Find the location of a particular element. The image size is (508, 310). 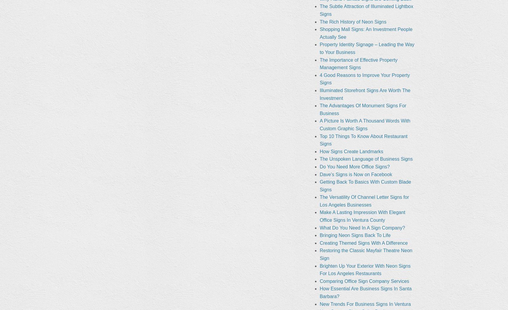

'Getting Back To Basics With Custom Blade Signs' is located at coordinates (365, 185).